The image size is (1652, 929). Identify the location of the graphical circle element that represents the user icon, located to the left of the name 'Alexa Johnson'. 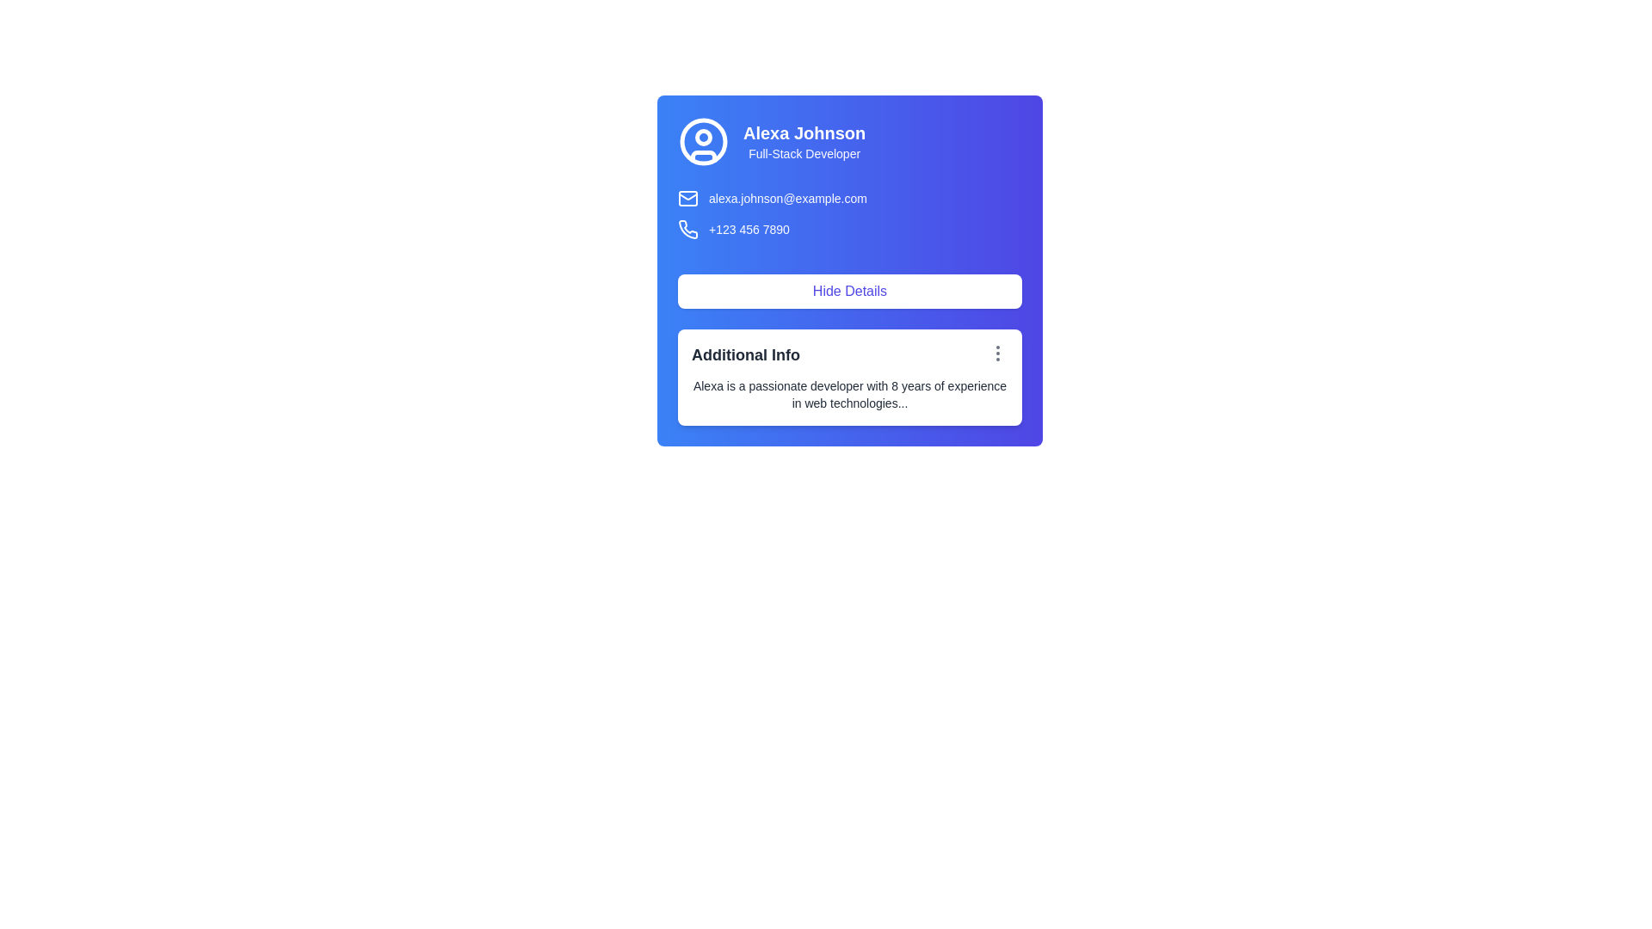
(703, 136).